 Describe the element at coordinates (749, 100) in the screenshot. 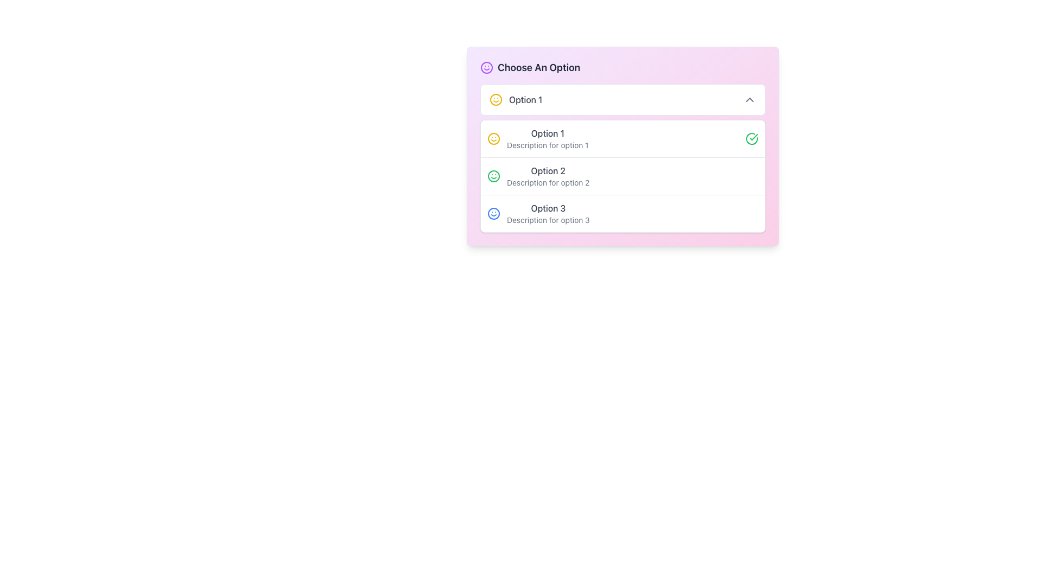

I see `the downward-facing chevron icon located in the top-right corner of the dropdown header displaying 'Option 1'` at that location.